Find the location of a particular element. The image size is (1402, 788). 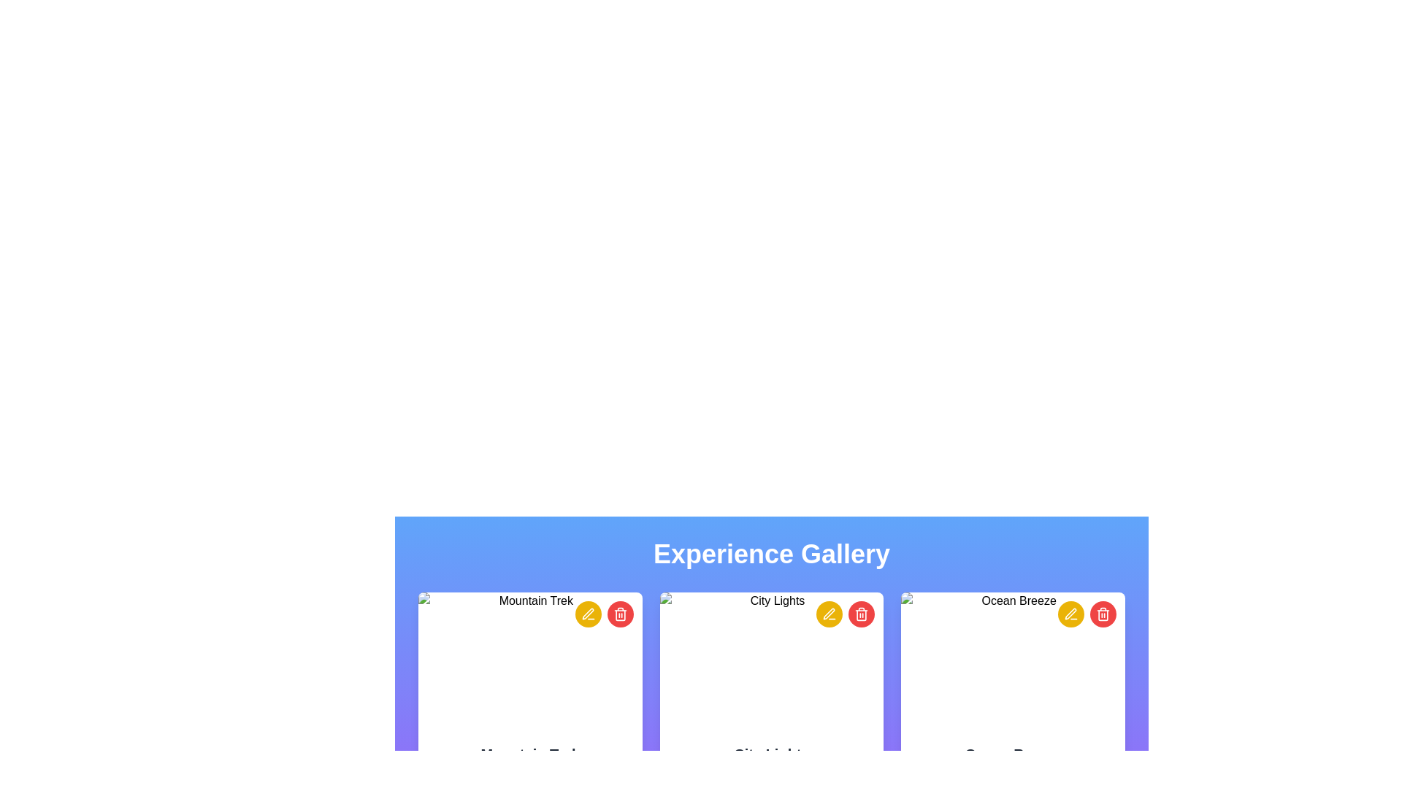

the mountain trek image in the Experience Gallery card to inspect it is located at coordinates (529, 662).